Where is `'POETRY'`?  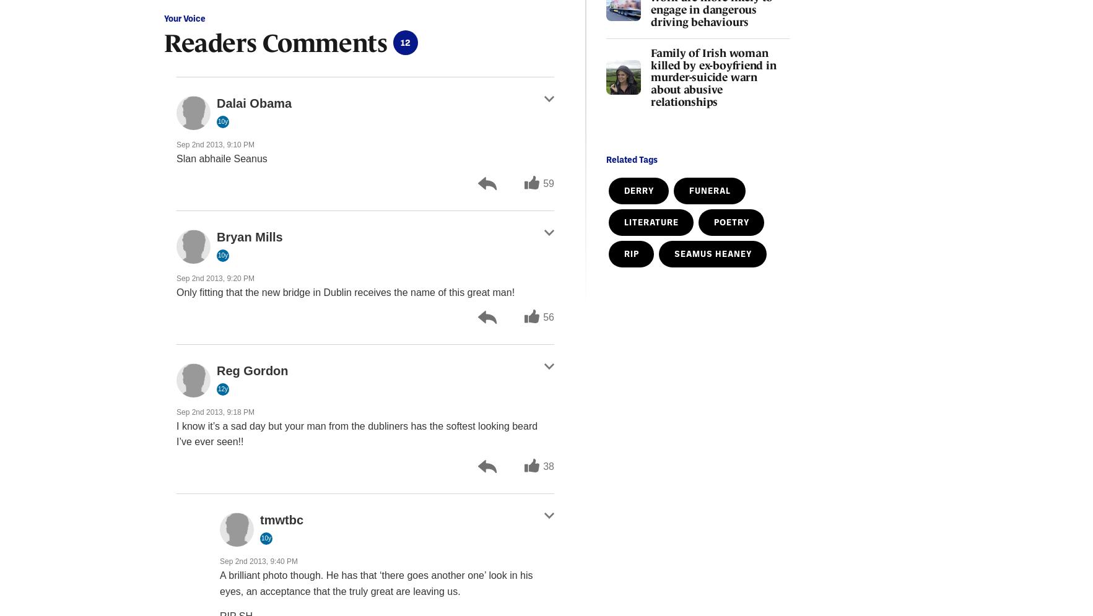
'POETRY' is located at coordinates (713, 221).